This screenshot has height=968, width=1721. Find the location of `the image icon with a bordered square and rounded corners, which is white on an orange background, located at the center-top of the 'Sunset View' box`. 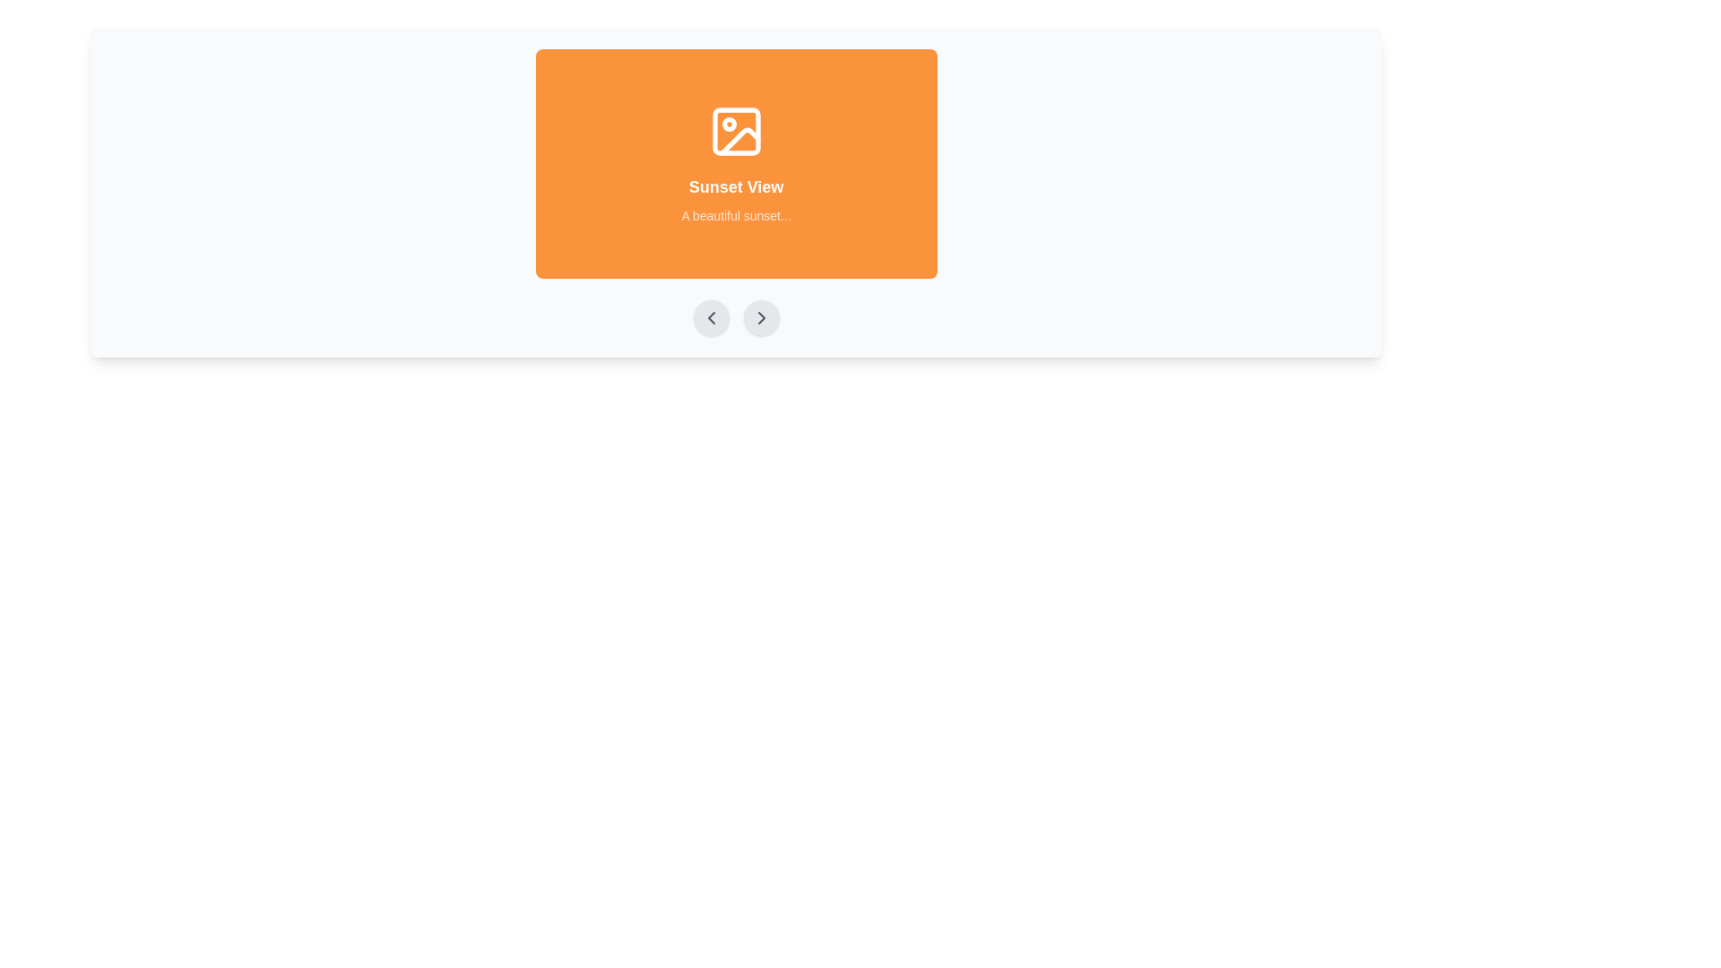

the image icon with a bordered square and rounded corners, which is white on an orange background, located at the center-top of the 'Sunset View' box is located at coordinates (736, 130).